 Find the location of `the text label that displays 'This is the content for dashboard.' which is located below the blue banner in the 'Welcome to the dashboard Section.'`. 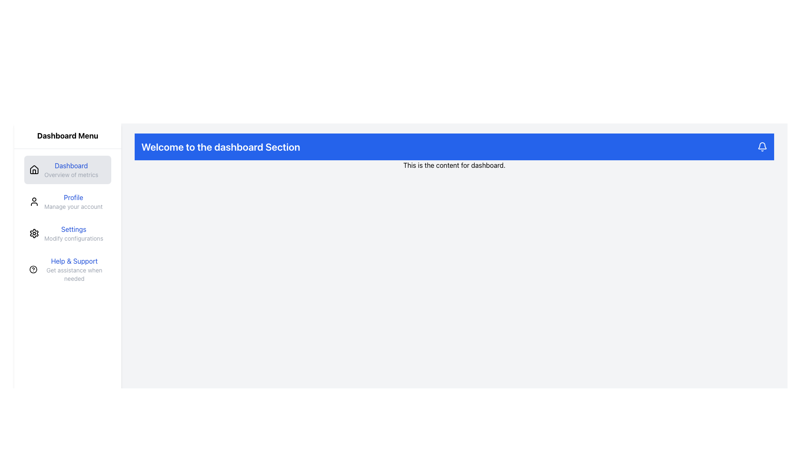

the text label that displays 'This is the content for dashboard.' which is located below the blue banner in the 'Welcome to the dashboard Section.' is located at coordinates (454, 165).